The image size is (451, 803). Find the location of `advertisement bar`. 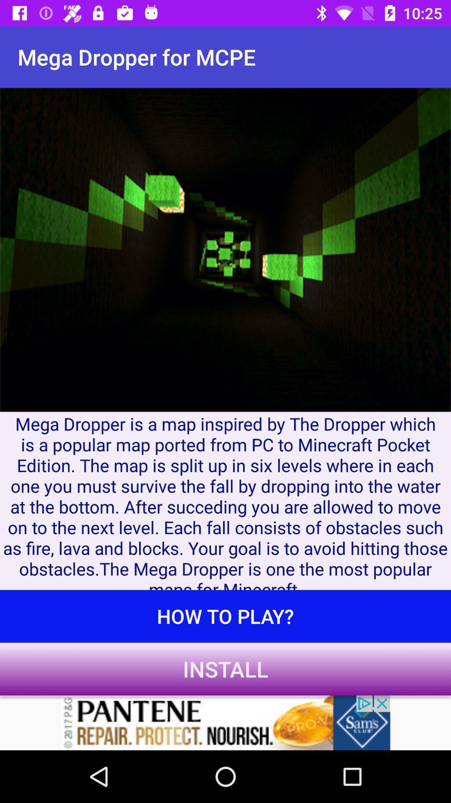

advertisement bar is located at coordinates (225, 722).